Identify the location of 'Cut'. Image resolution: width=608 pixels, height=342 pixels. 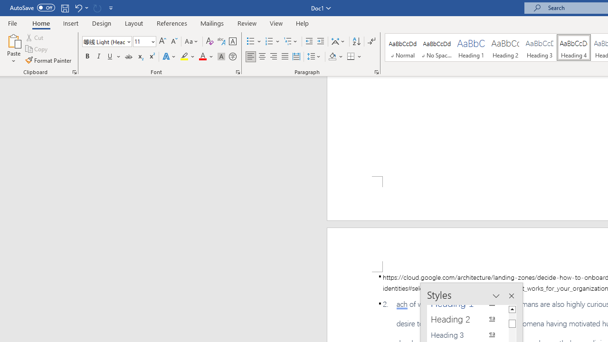
(35, 37).